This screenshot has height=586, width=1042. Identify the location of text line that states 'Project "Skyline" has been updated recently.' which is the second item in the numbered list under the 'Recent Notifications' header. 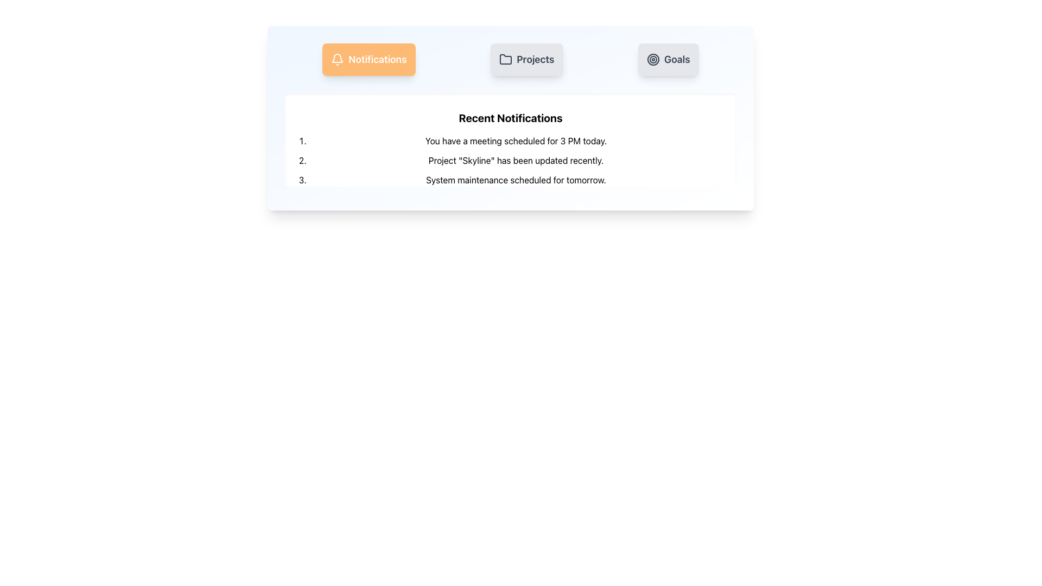
(515, 161).